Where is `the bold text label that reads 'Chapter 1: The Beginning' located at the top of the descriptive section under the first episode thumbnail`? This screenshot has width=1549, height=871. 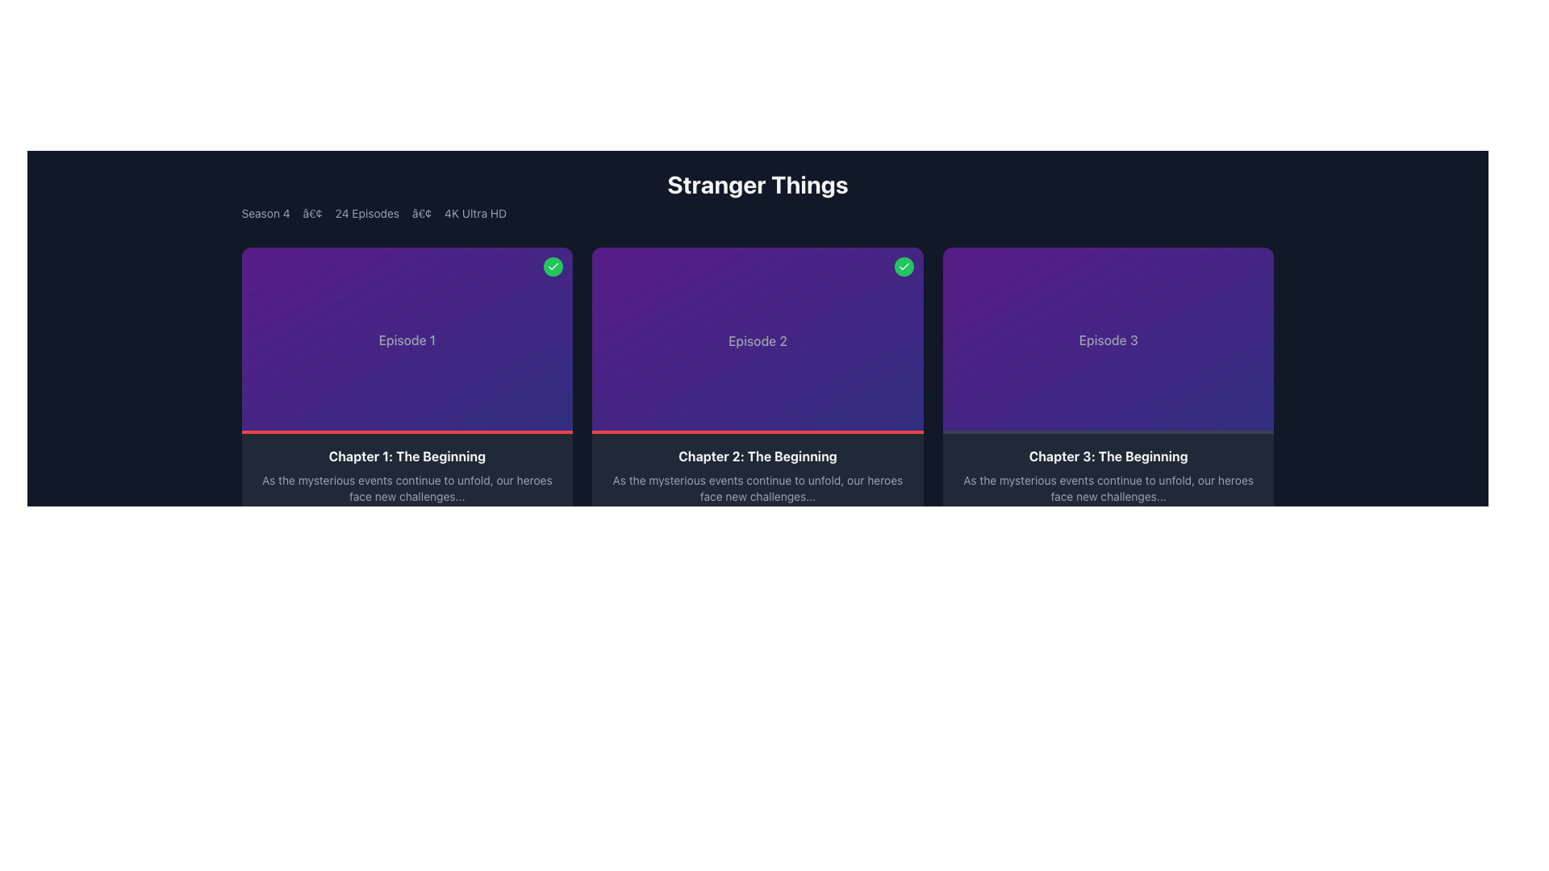
the bold text label that reads 'Chapter 1: The Beginning' located at the top of the descriptive section under the first episode thumbnail is located at coordinates (407, 456).